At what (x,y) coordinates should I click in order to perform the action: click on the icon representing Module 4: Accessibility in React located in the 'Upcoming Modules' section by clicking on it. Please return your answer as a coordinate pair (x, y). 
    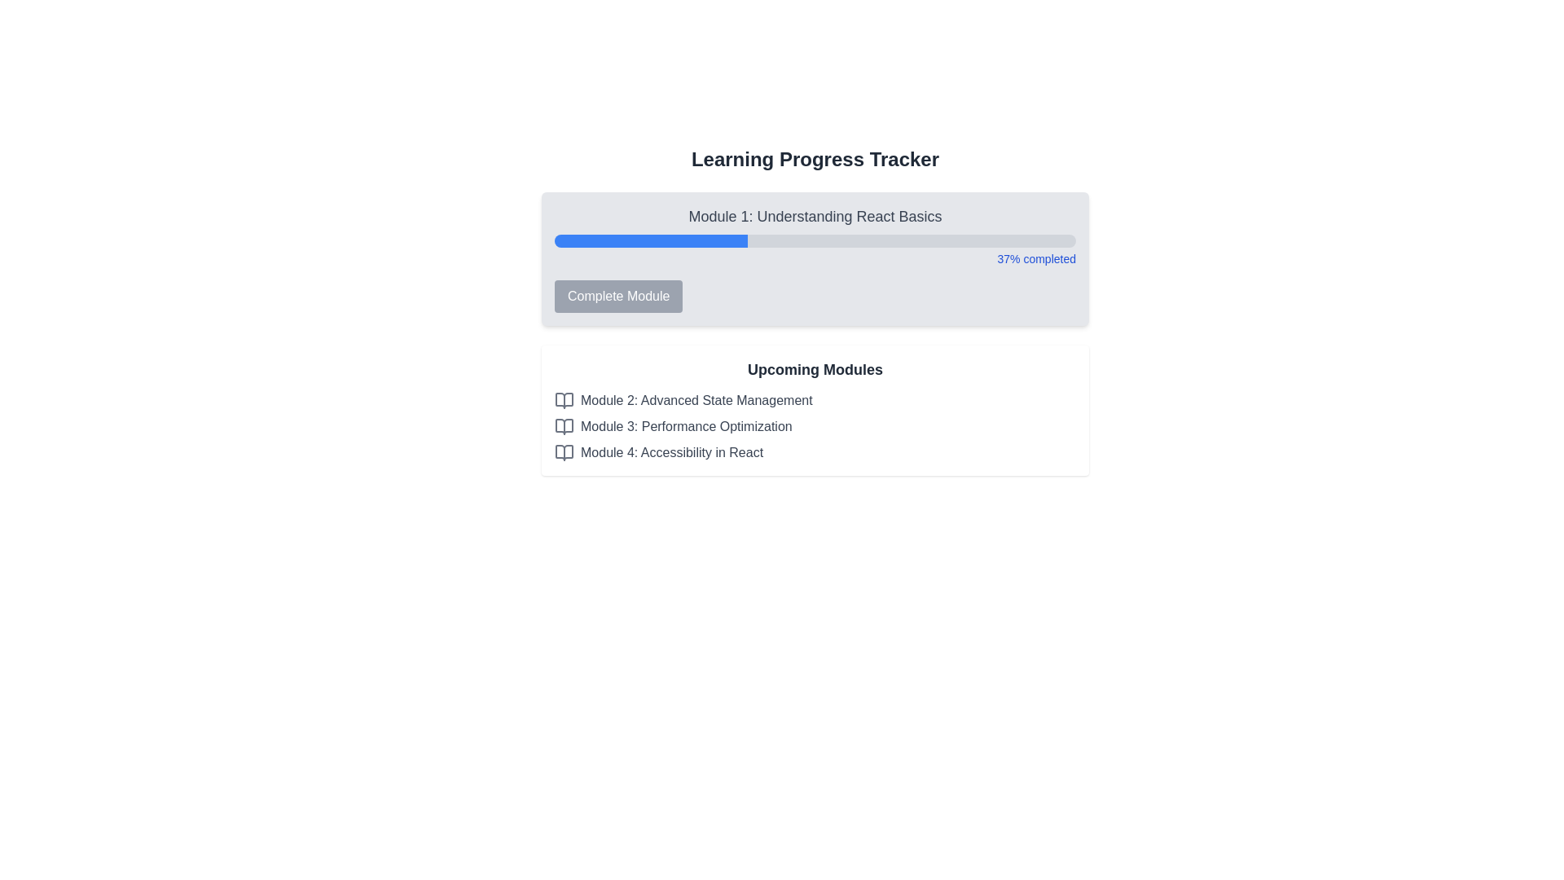
    Looking at the image, I should click on (564, 452).